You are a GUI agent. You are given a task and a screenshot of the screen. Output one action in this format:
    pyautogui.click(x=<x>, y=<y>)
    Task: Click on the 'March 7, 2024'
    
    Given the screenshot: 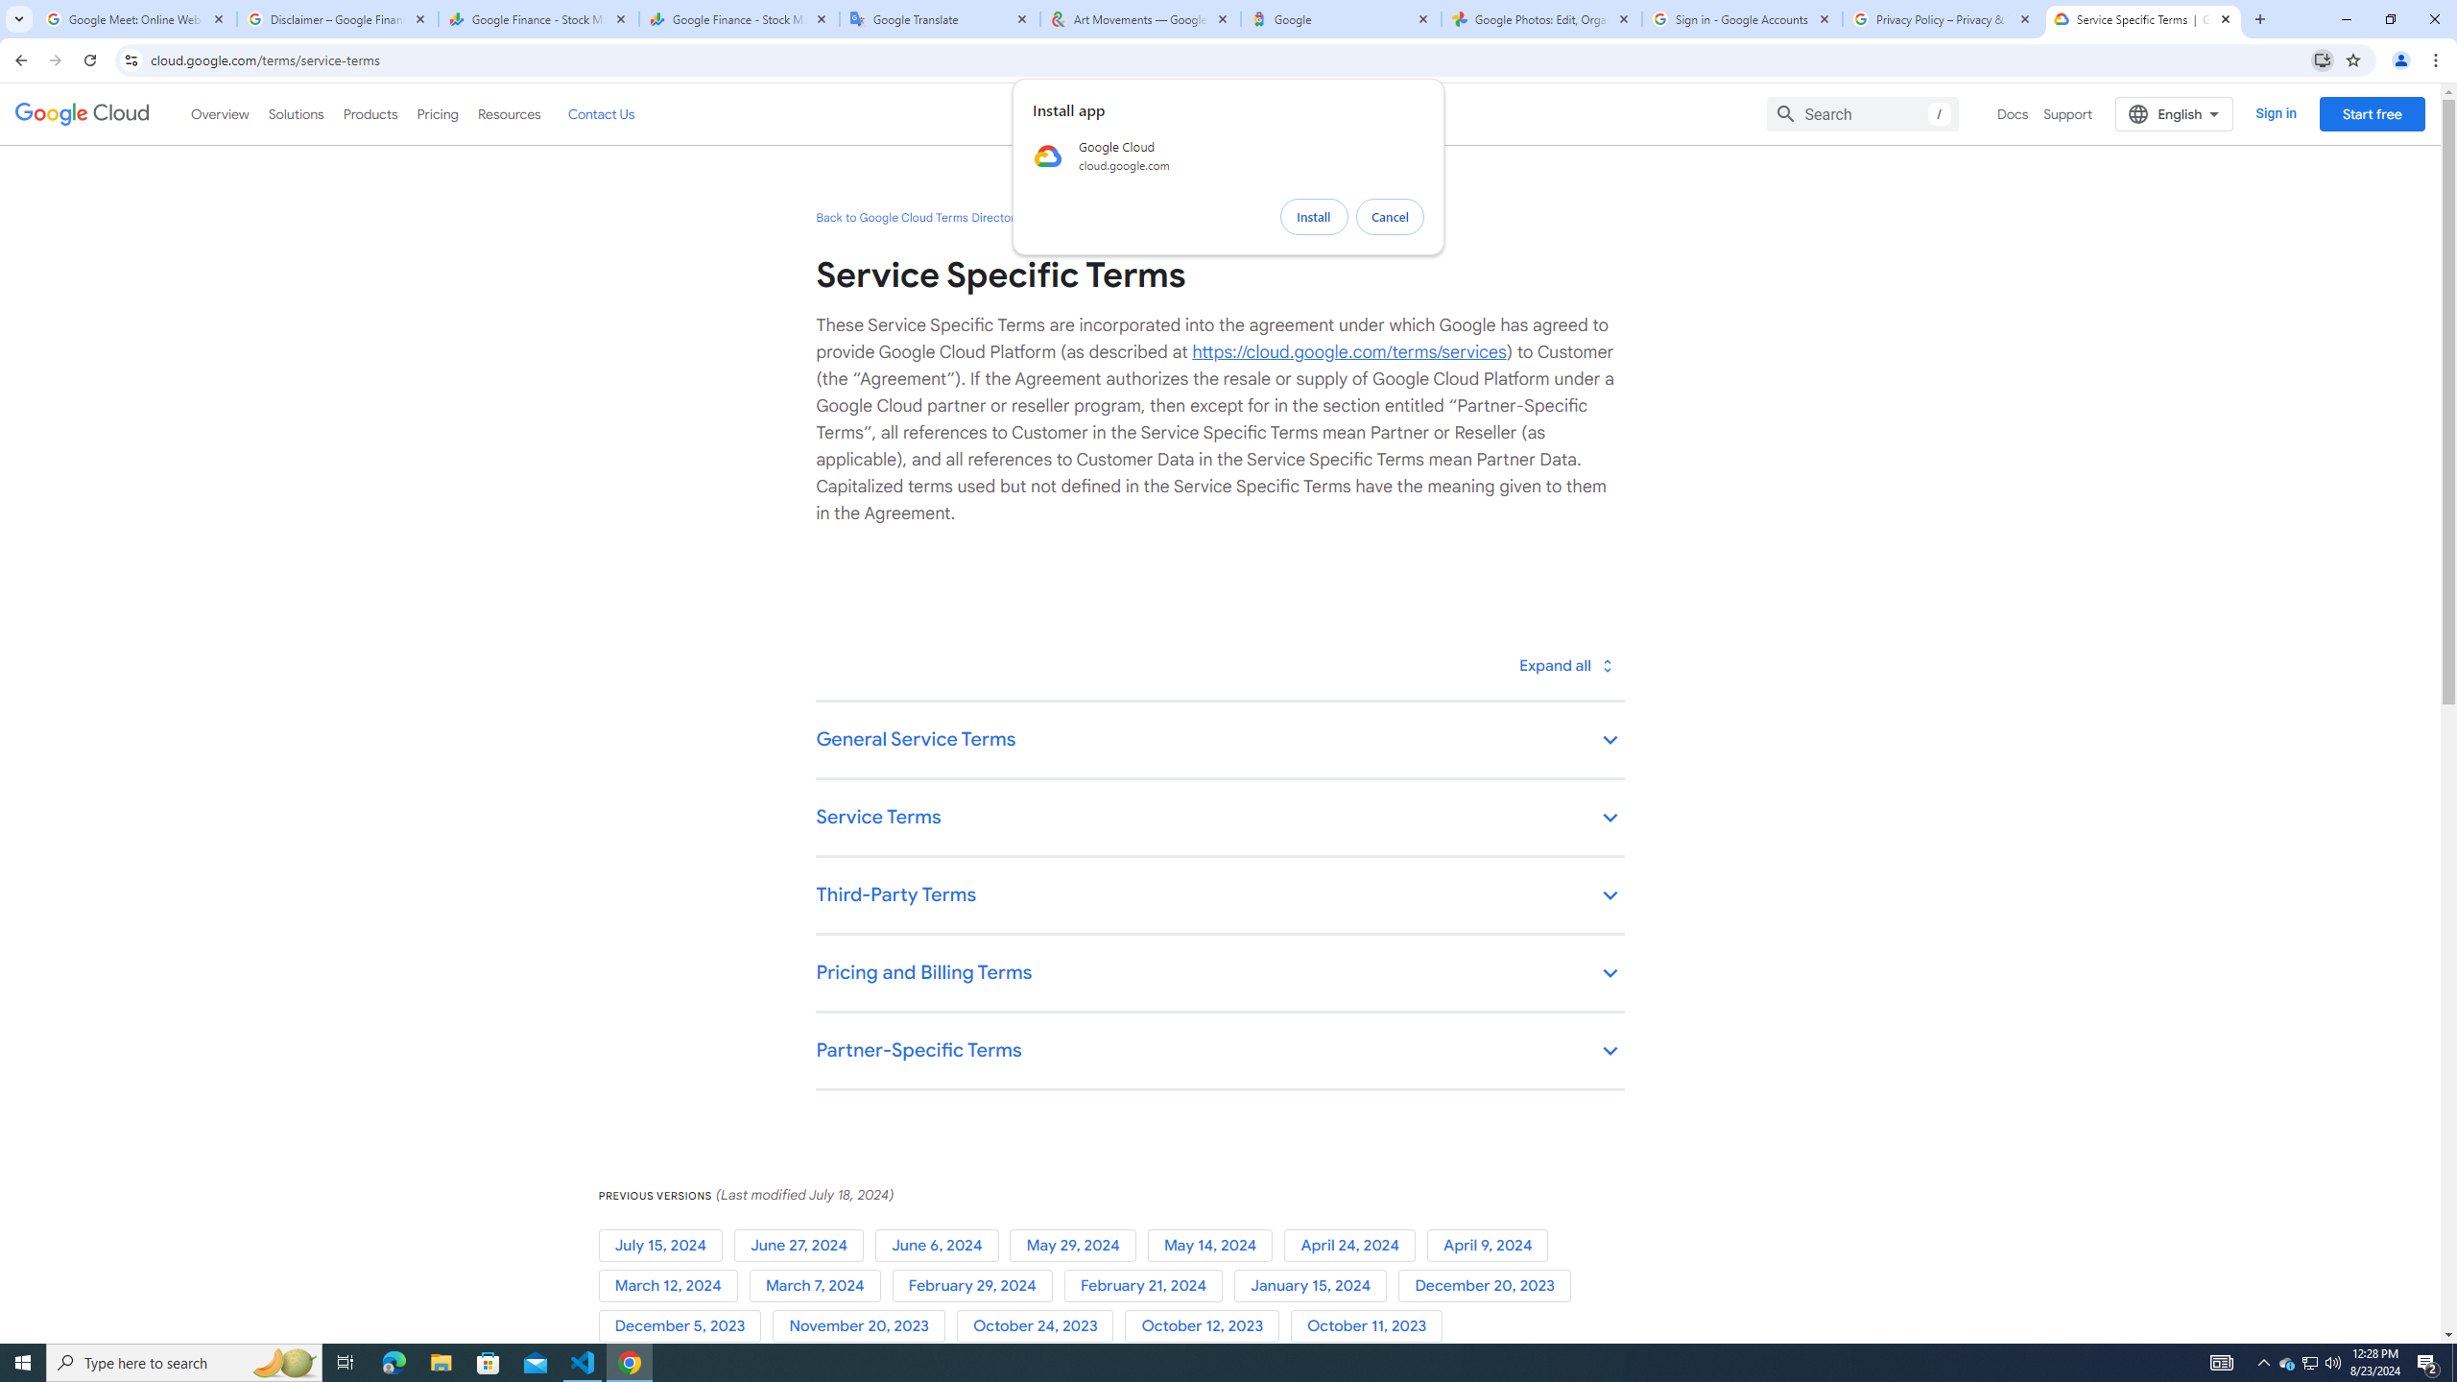 What is the action you would take?
    pyautogui.click(x=821, y=1284)
    